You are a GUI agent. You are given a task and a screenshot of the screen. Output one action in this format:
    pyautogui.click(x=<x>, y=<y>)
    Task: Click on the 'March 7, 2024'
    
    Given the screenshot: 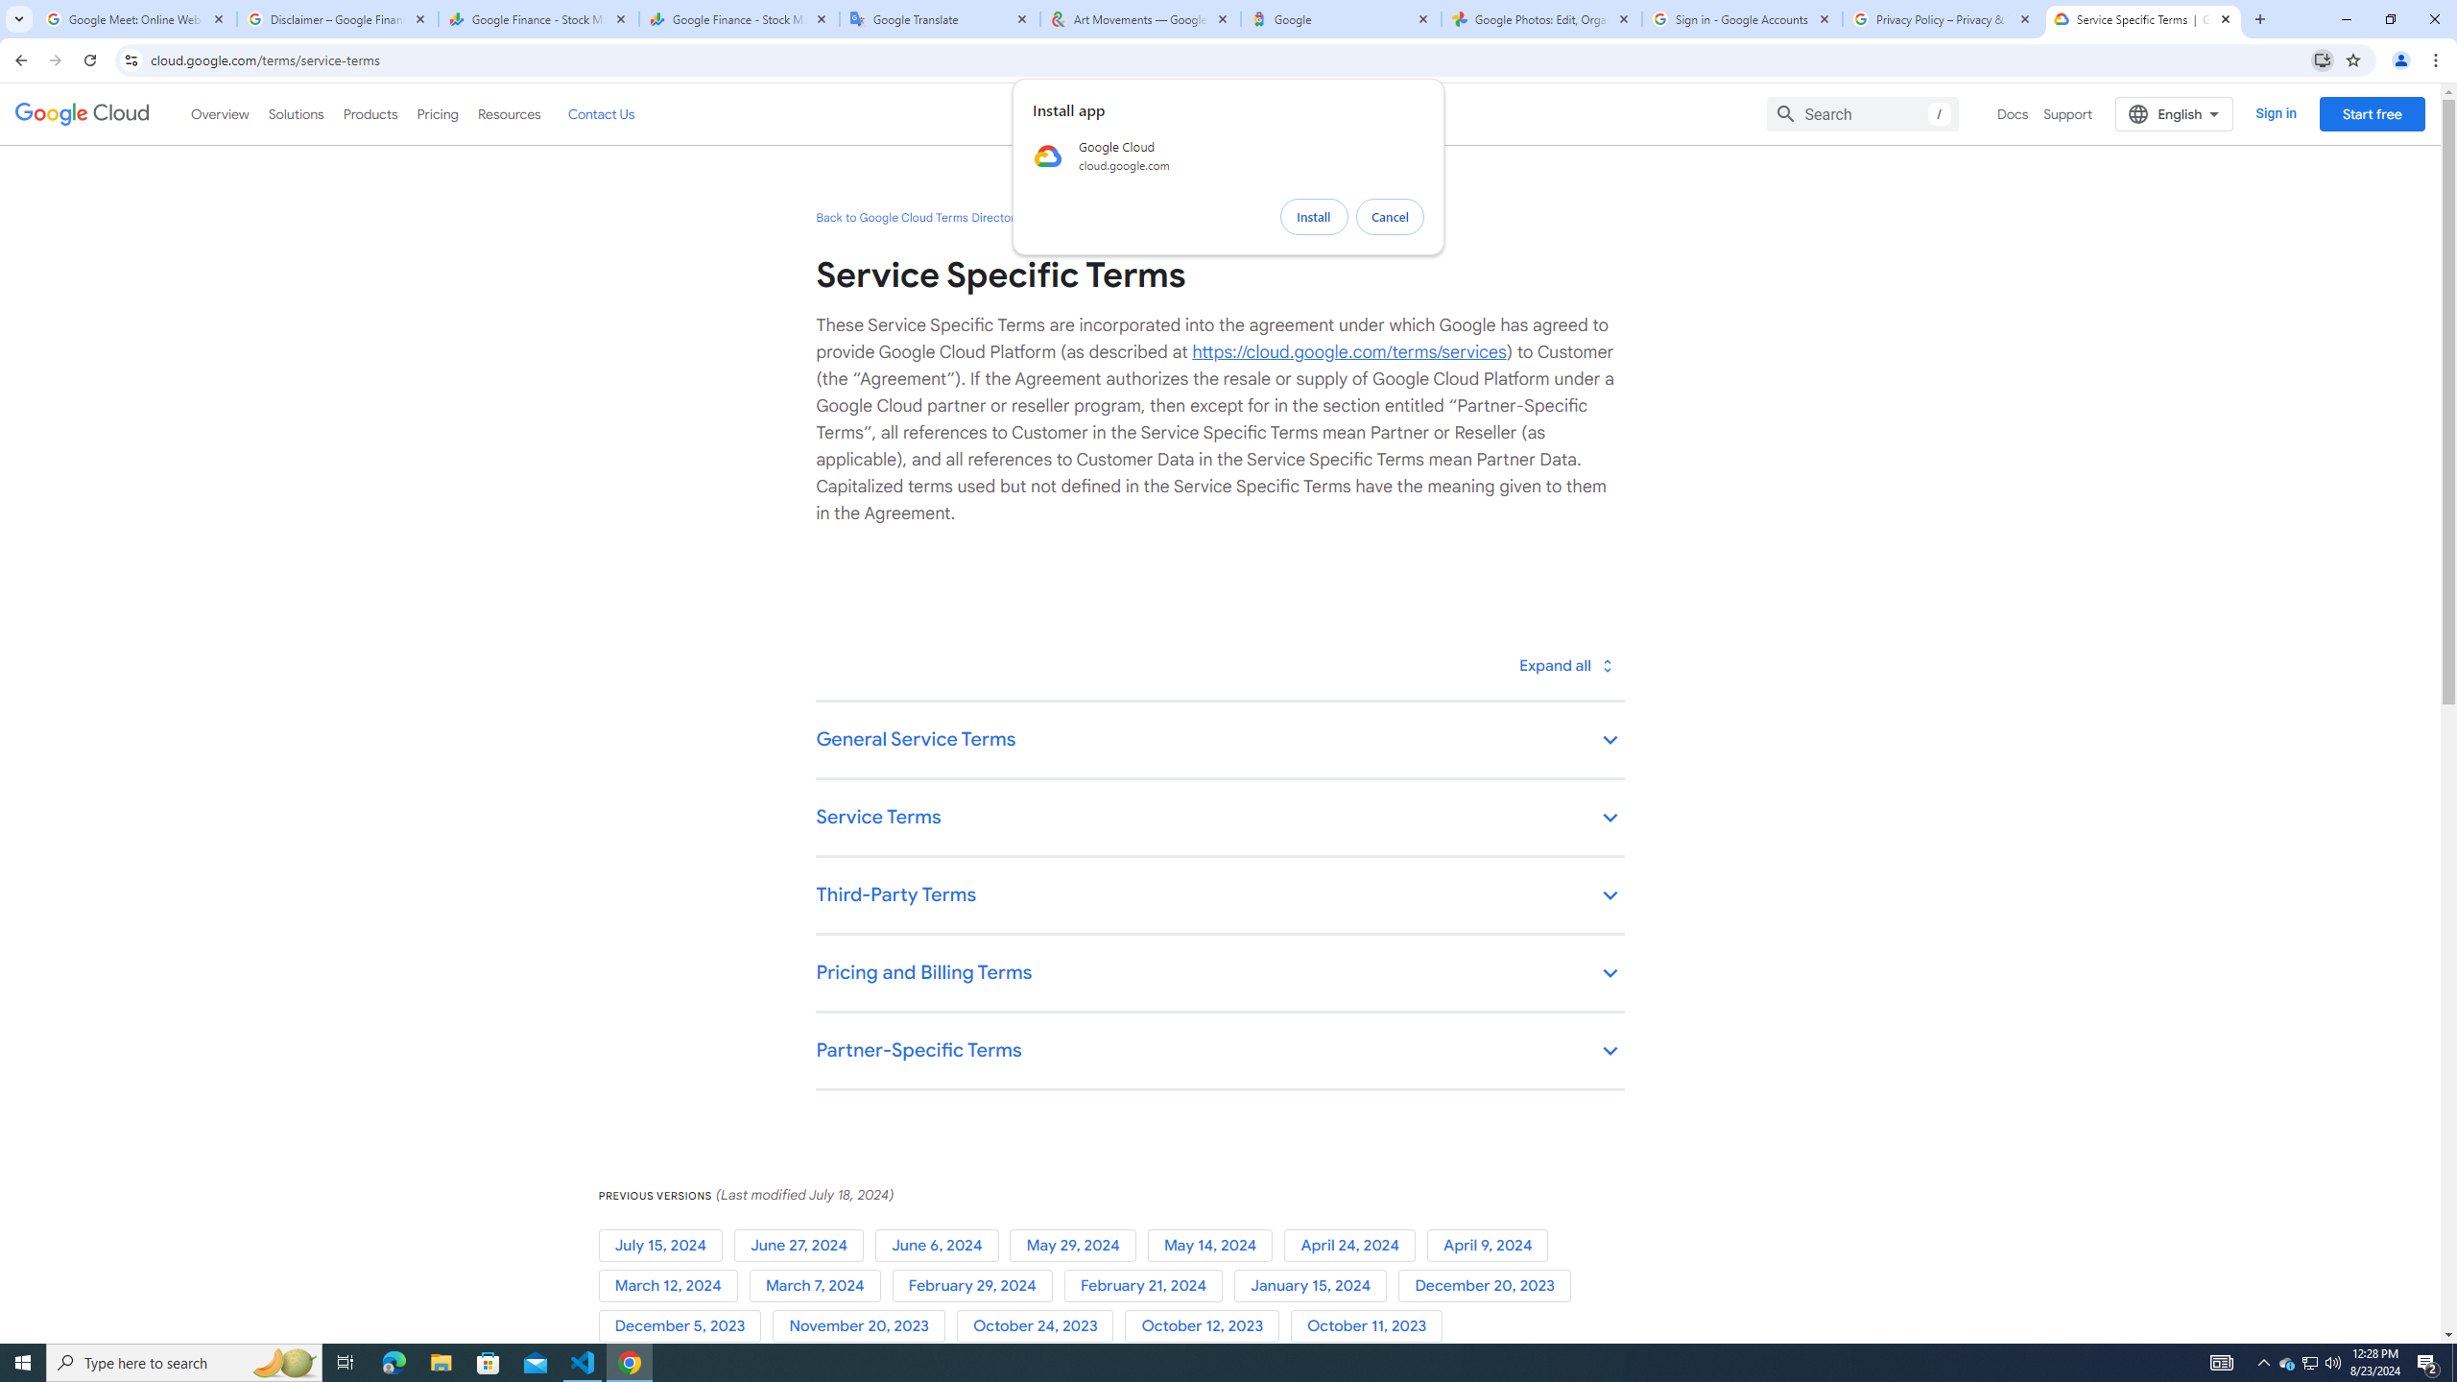 What is the action you would take?
    pyautogui.click(x=821, y=1284)
    